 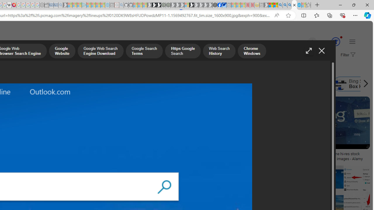 I want to click on 'github - Search - Sleeping', so click(x=121, y=5).